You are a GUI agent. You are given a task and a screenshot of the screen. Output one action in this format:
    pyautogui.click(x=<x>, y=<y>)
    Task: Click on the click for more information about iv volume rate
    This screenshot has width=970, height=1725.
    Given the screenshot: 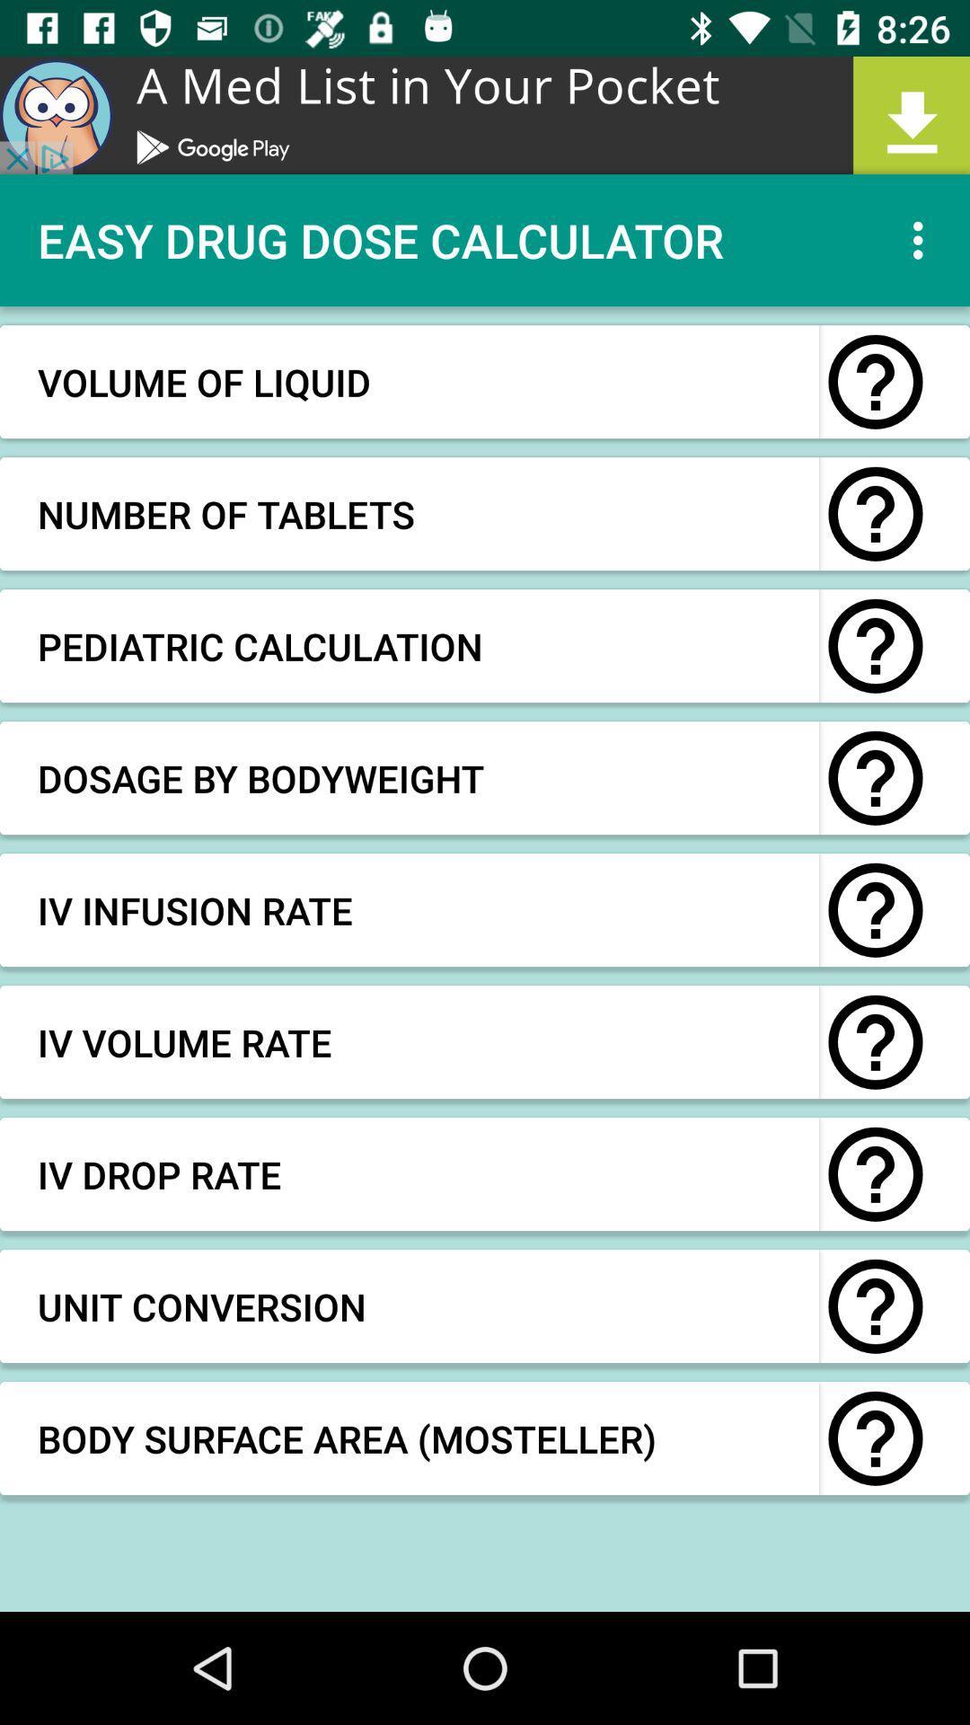 What is the action you would take?
    pyautogui.click(x=875, y=1042)
    